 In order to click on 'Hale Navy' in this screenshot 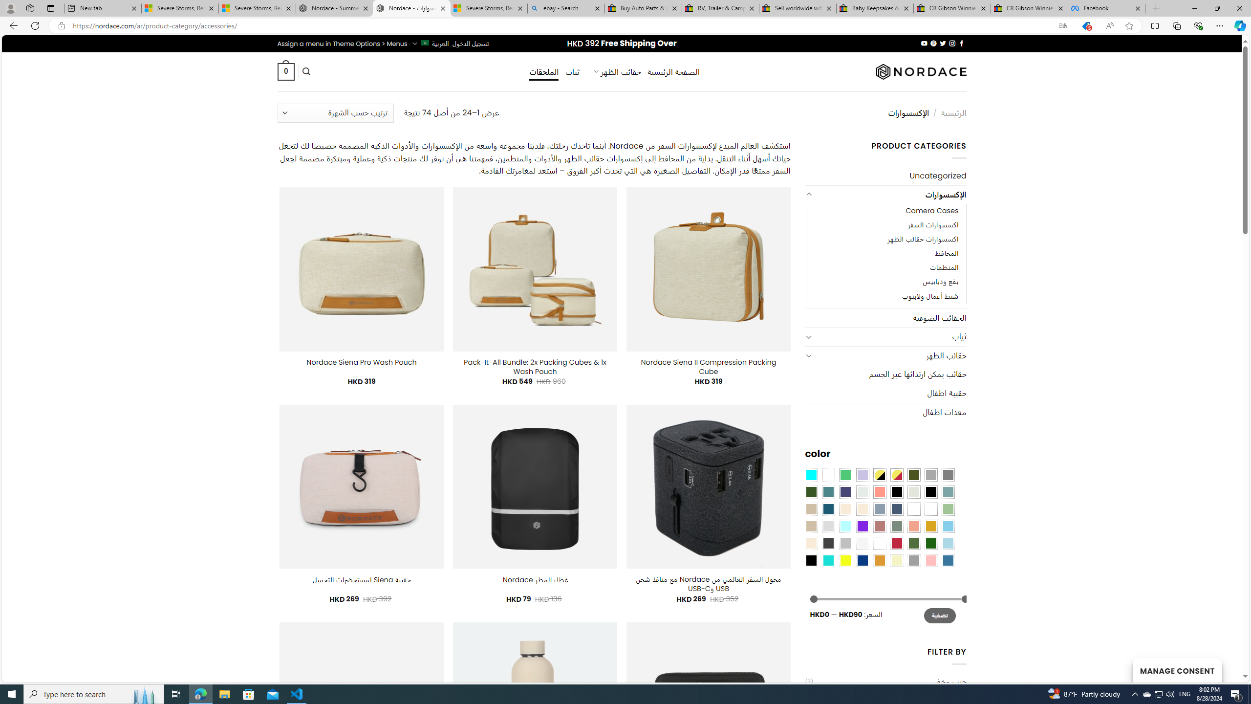, I will do `click(896, 509)`.